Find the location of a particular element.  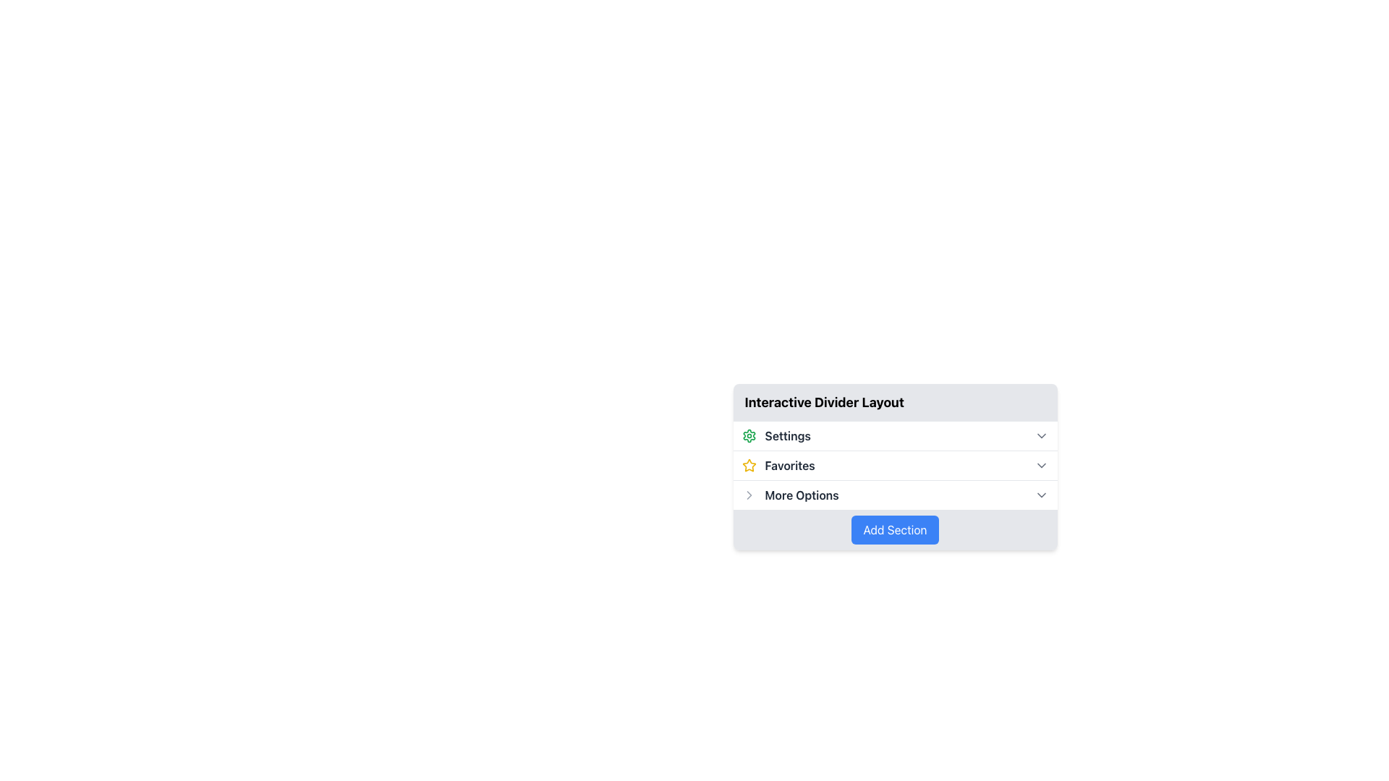

the right-pointing chevron icon in the settings options to trigger potential UI effects is located at coordinates (749, 495).